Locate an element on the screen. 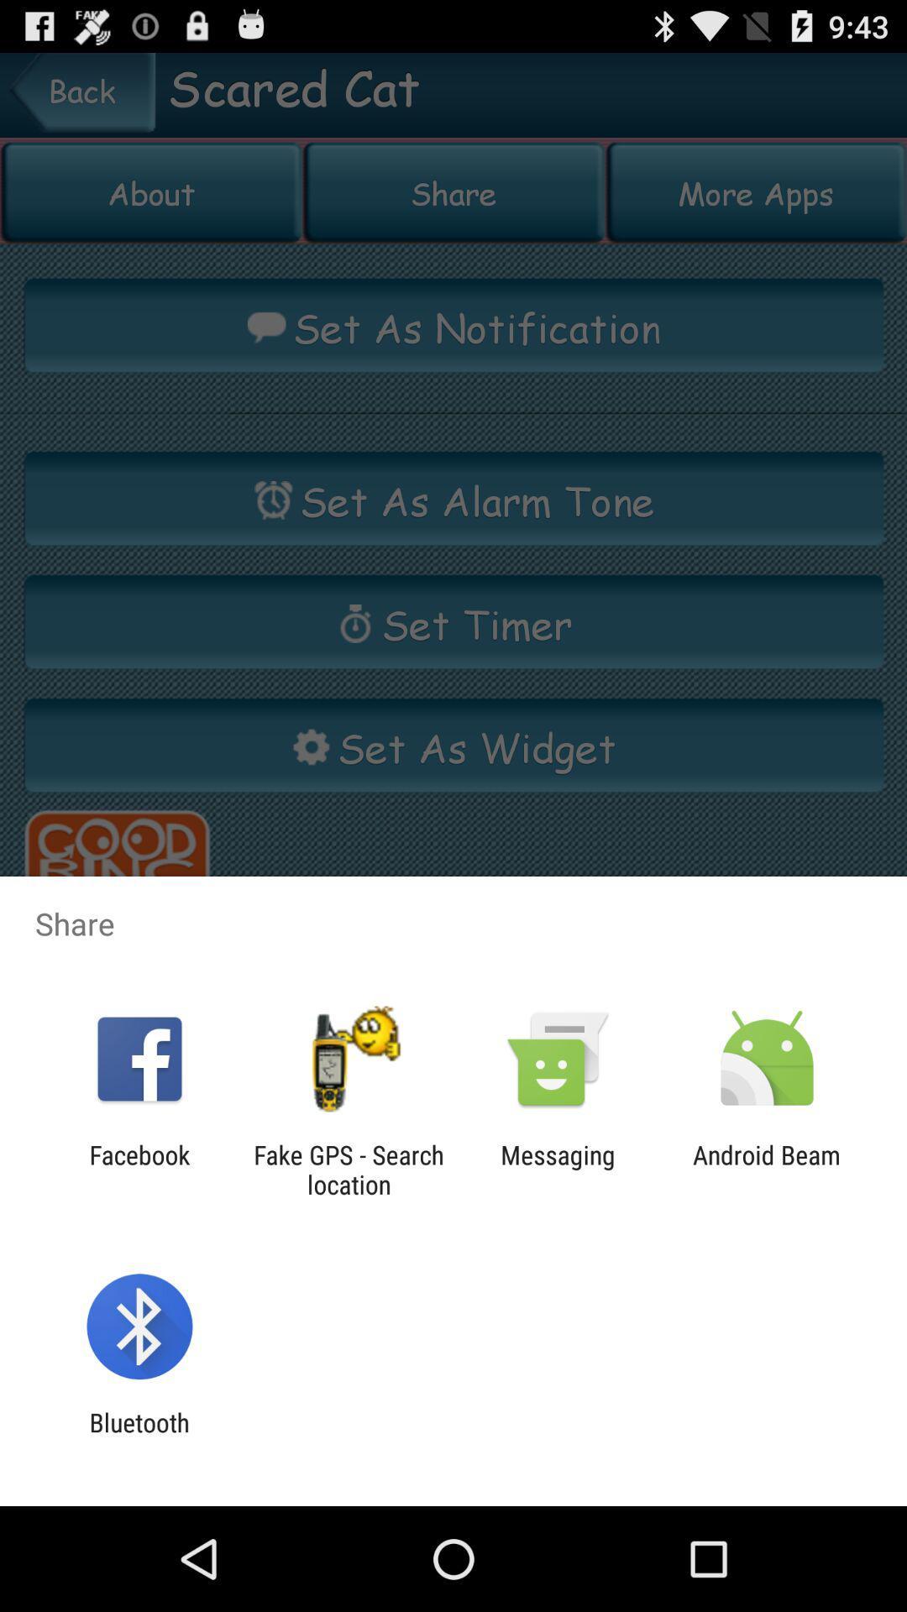  the app next to the messaging item is located at coordinates (767, 1169).